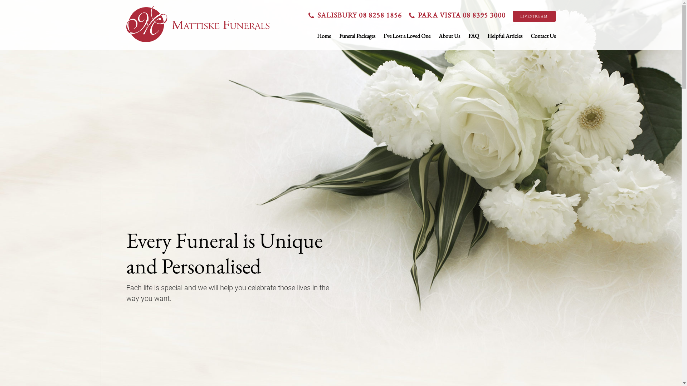 The image size is (687, 386). I want to click on 'Home', so click(323, 36).